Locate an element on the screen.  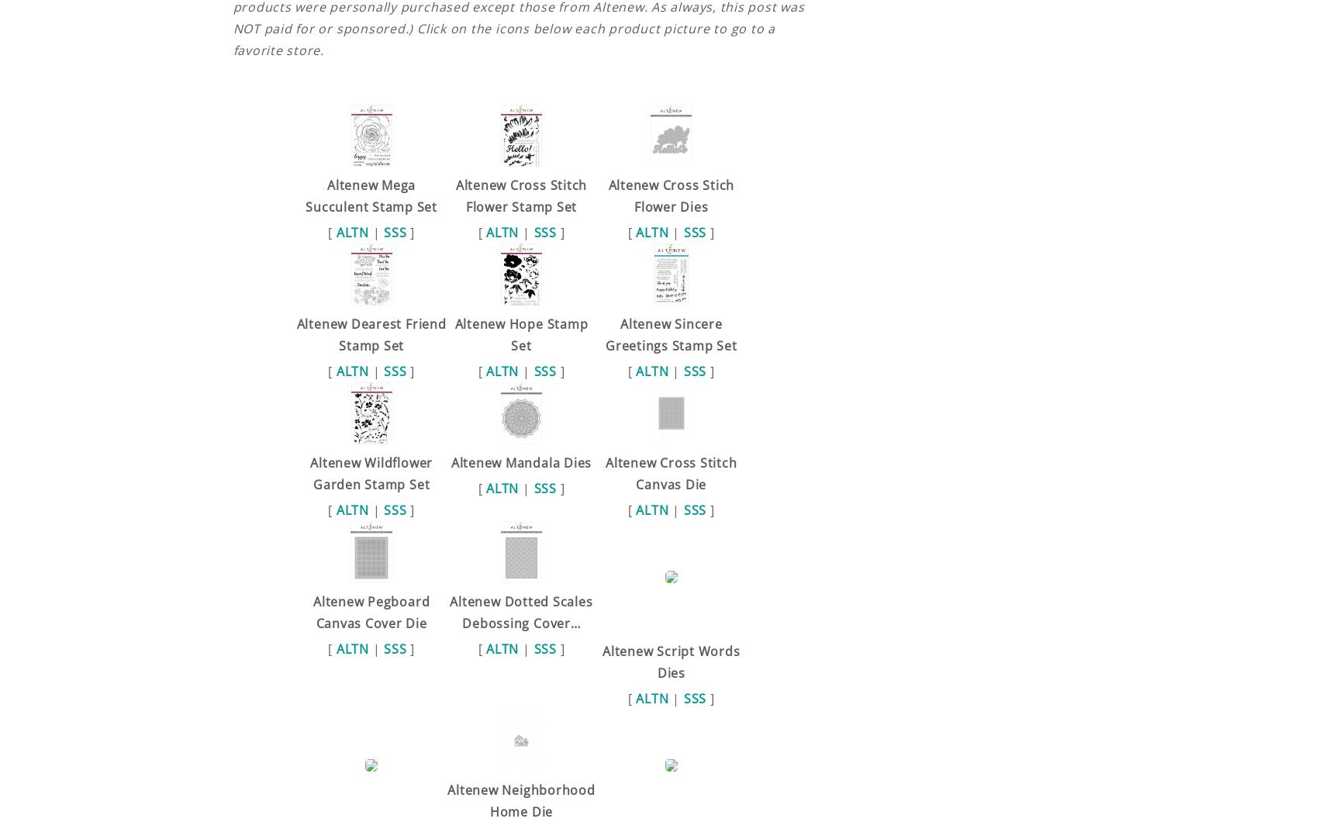
'Altenew Neighborhood Home Die' is located at coordinates (520, 800).